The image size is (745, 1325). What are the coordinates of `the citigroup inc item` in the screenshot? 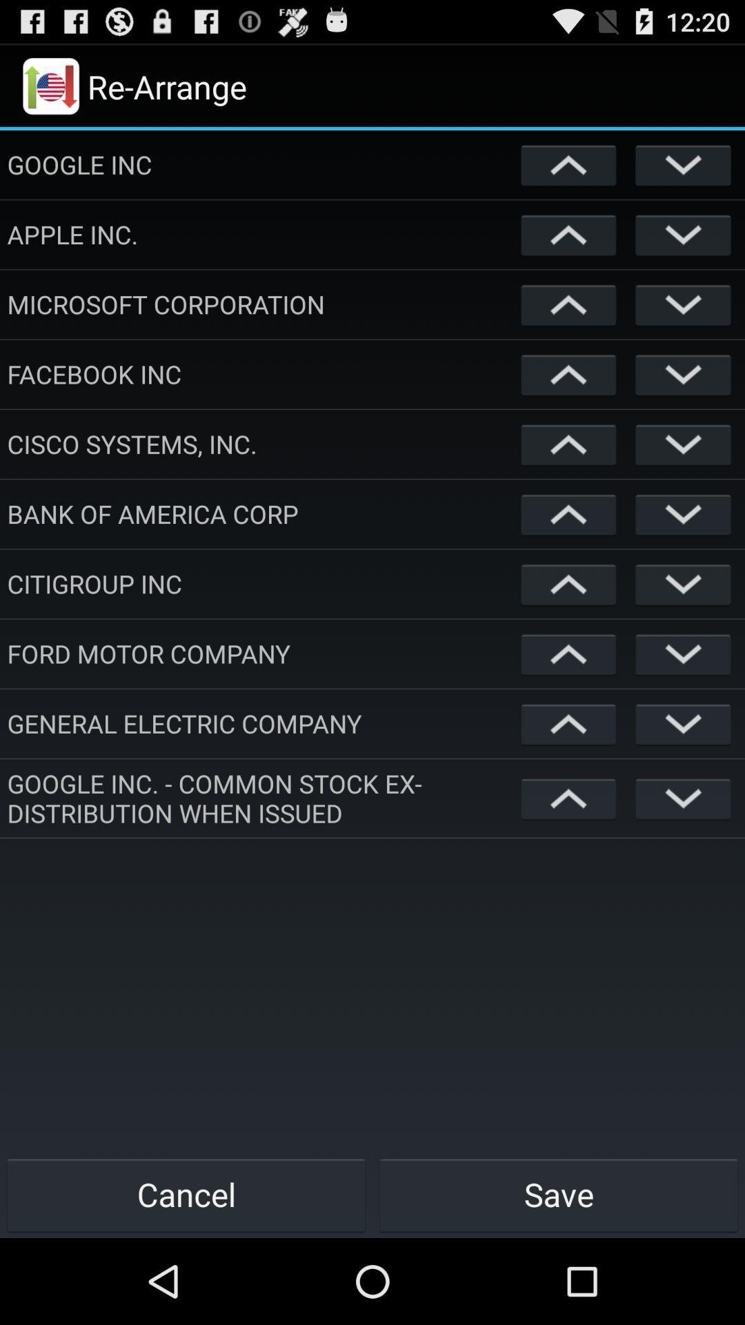 It's located at (261, 583).